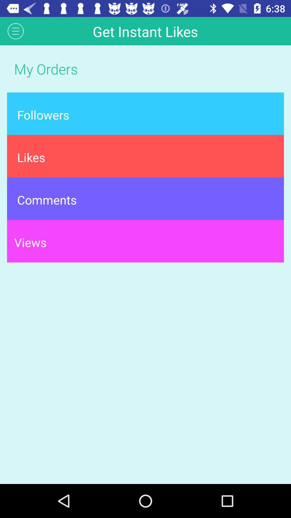 The width and height of the screenshot is (291, 518). What do you see at coordinates (145, 198) in the screenshot?
I see `the  comments icon` at bounding box center [145, 198].